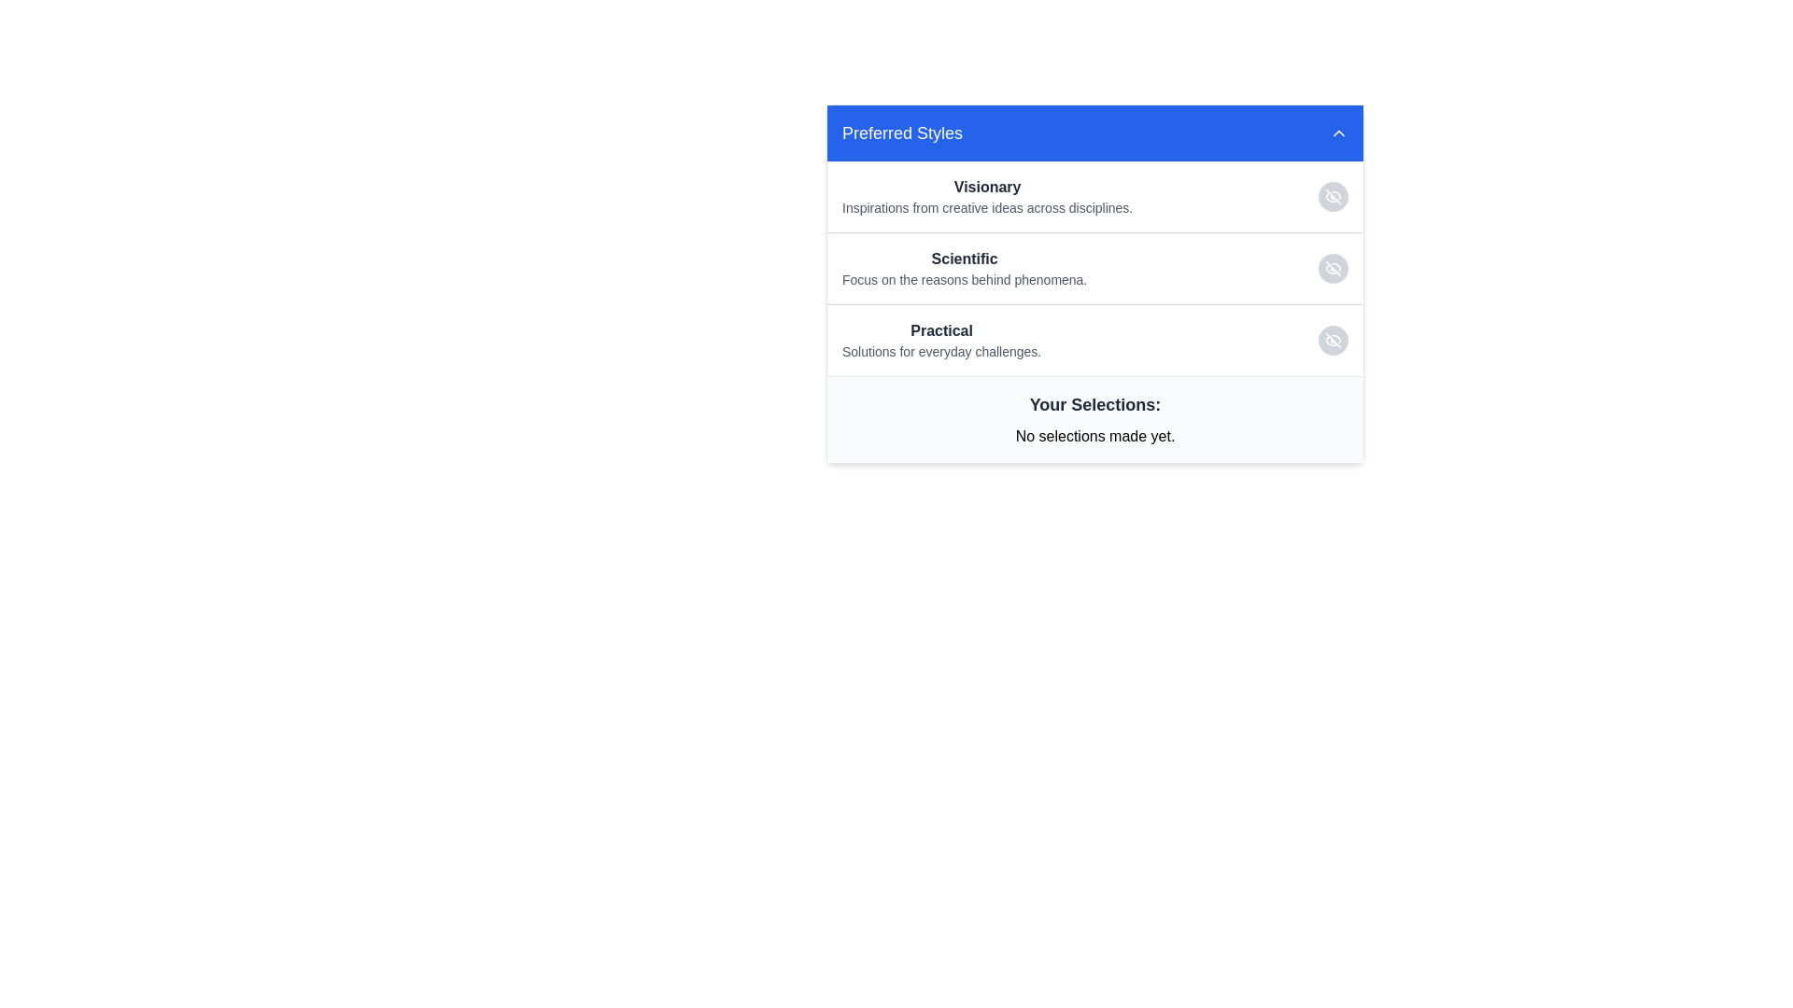 The width and height of the screenshot is (1793, 1008). I want to click on keyboard navigation, so click(1338, 132).